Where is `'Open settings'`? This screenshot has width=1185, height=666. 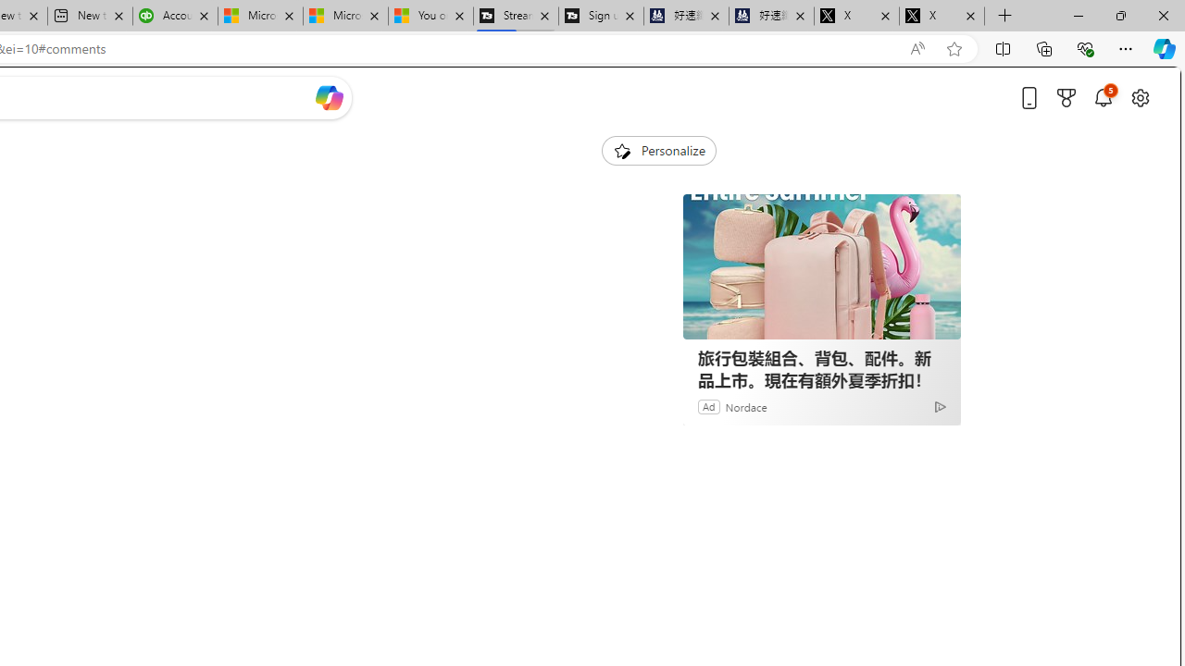
'Open settings' is located at coordinates (1140, 97).